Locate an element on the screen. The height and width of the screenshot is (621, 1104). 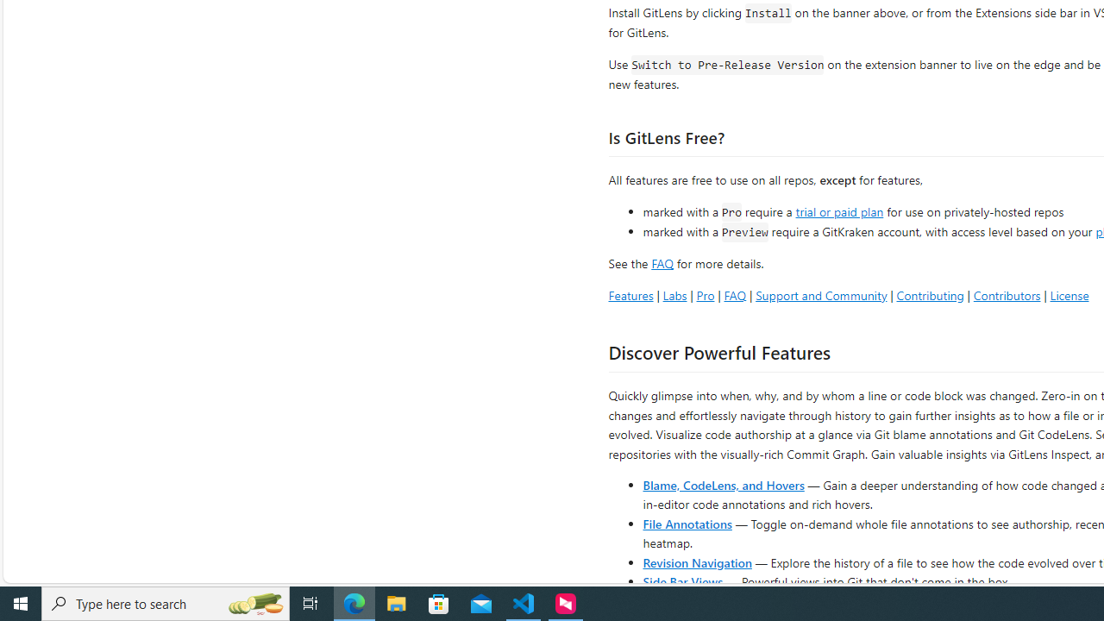
'trial or paid plan' is located at coordinates (839, 210).